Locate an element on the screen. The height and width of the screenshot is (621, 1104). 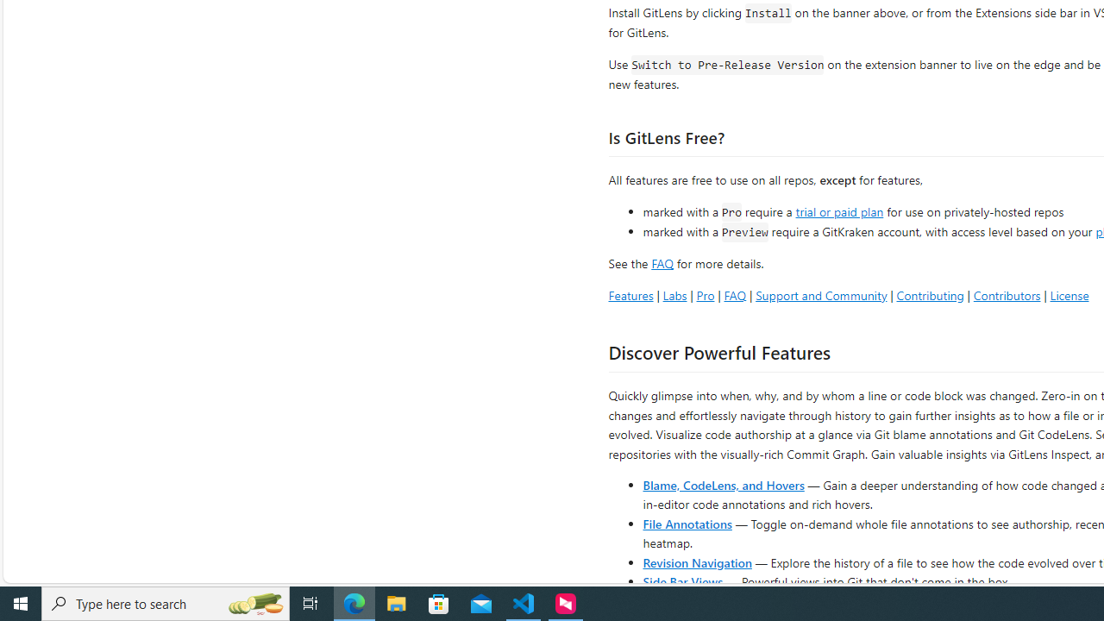
'trial or paid plan' is located at coordinates (839, 210).